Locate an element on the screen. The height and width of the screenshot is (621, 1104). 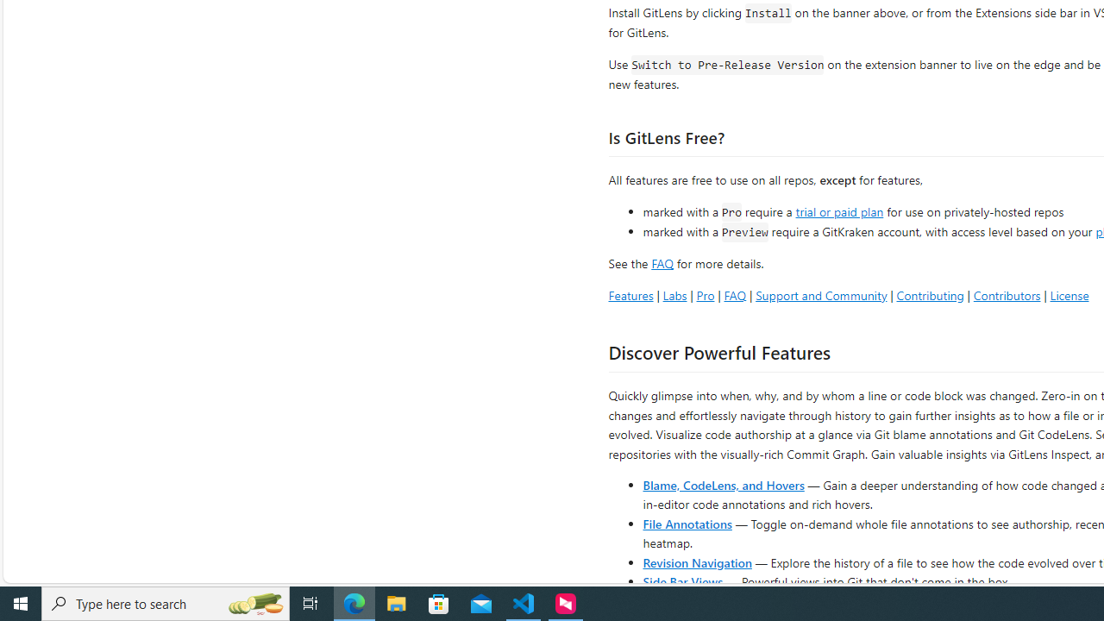
'trial or paid plan' is located at coordinates (839, 210).